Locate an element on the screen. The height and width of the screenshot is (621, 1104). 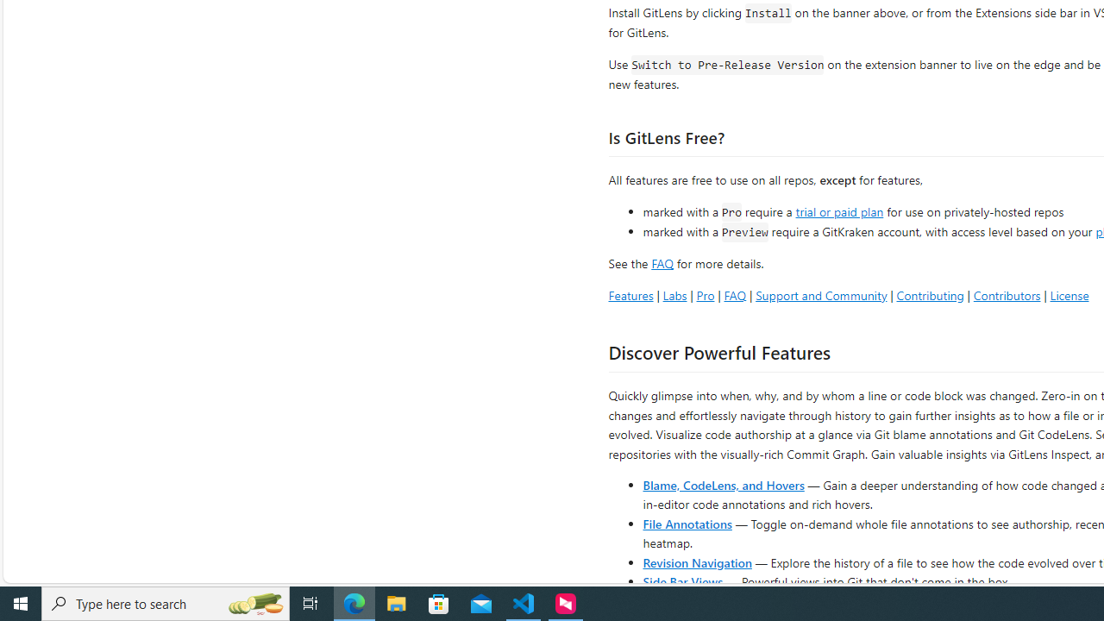
'trial or paid plan' is located at coordinates (839, 210).